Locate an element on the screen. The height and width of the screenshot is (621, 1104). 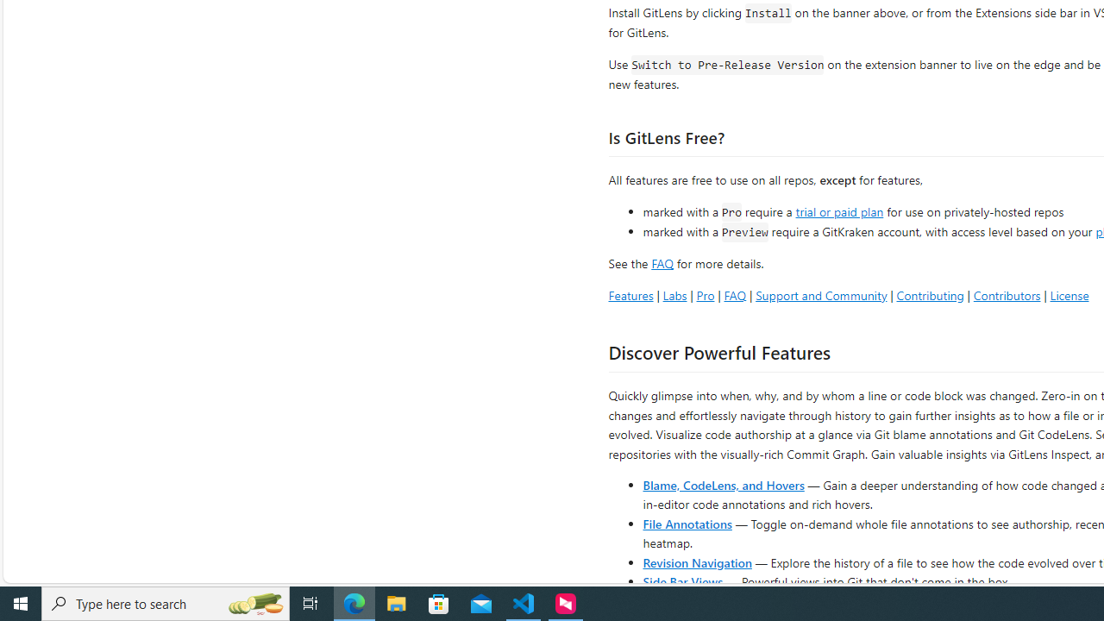
'trial or paid plan' is located at coordinates (839, 210).